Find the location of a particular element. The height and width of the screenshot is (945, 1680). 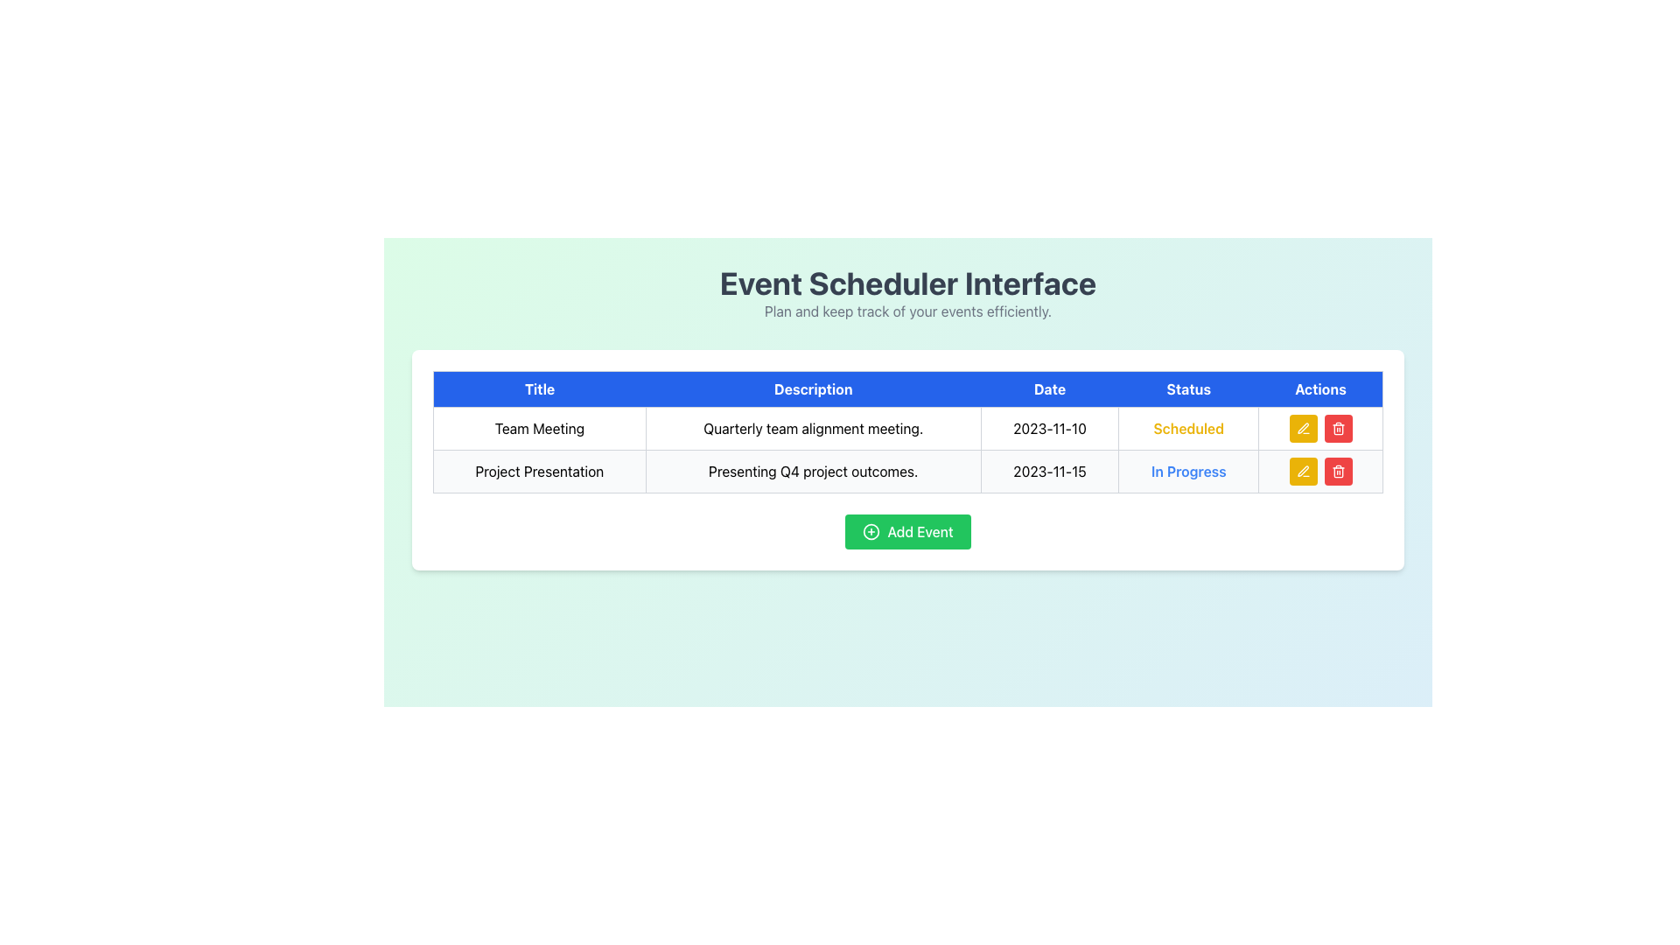

the pen icon located inside the yellow square button in the 'Actions' column of the 'Project Presentation' row is located at coordinates (1303, 428).